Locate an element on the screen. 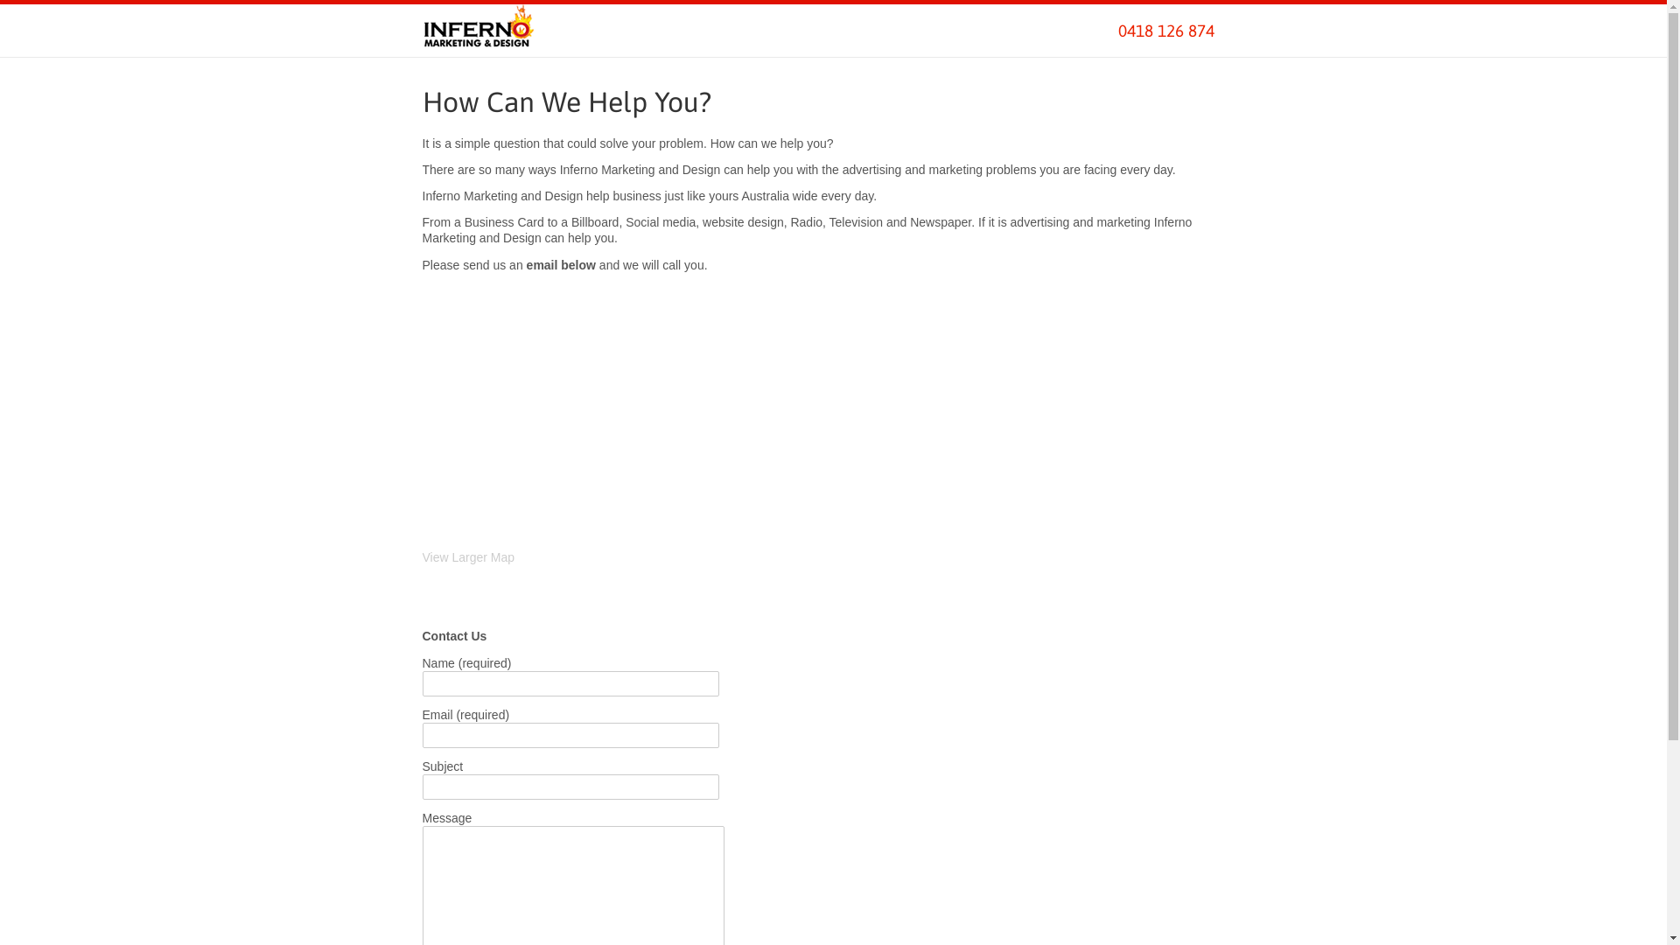 This screenshot has width=1680, height=945. 'View Larger Map' is located at coordinates (421, 556).